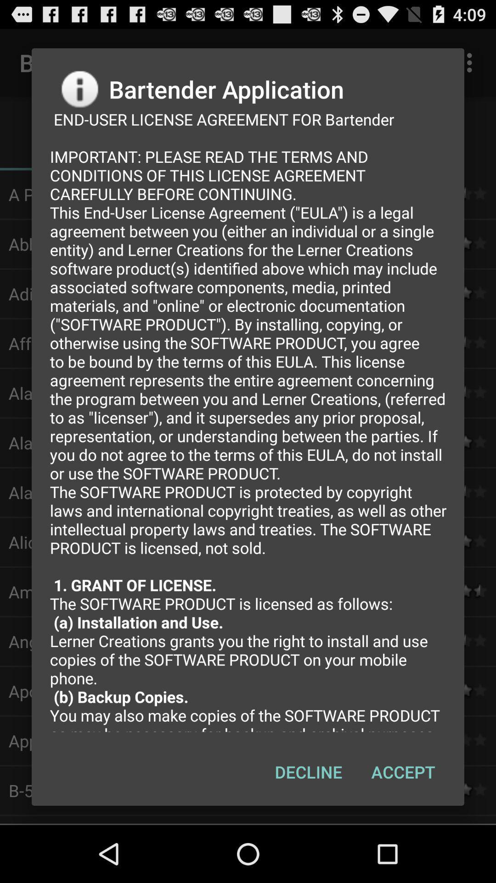 The width and height of the screenshot is (496, 883). What do you see at coordinates (403, 772) in the screenshot?
I see `the item at the bottom right corner` at bounding box center [403, 772].